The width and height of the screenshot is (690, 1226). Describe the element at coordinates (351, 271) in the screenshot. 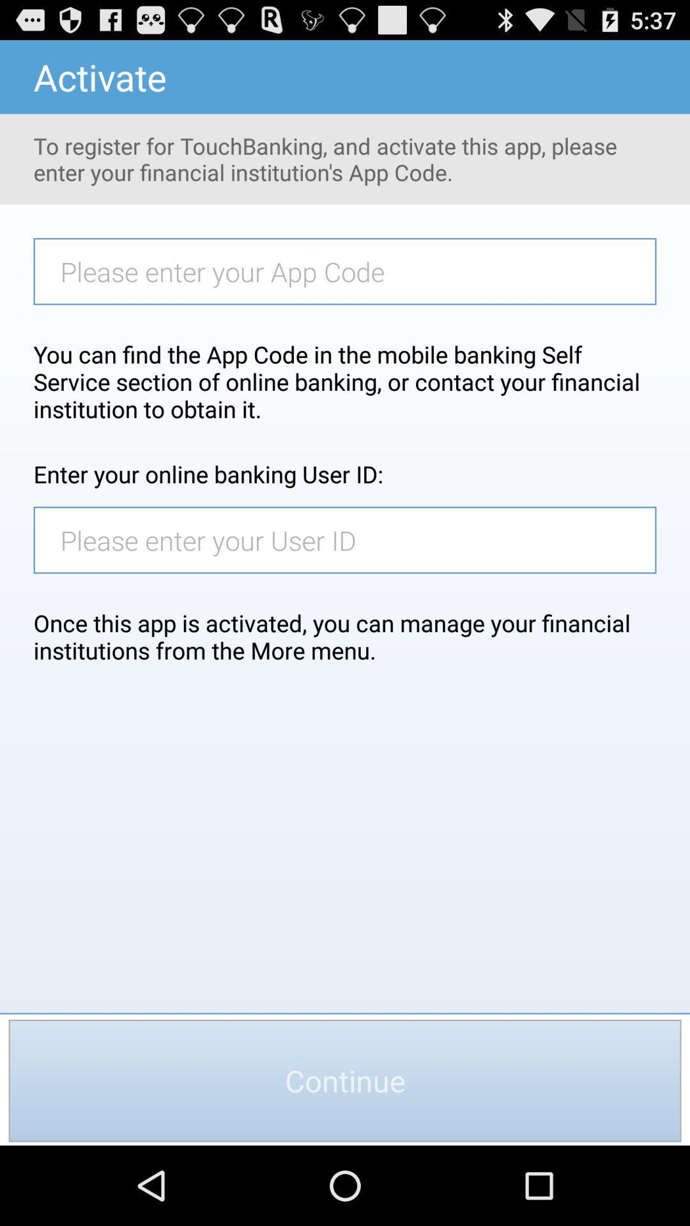

I see `app code` at that location.